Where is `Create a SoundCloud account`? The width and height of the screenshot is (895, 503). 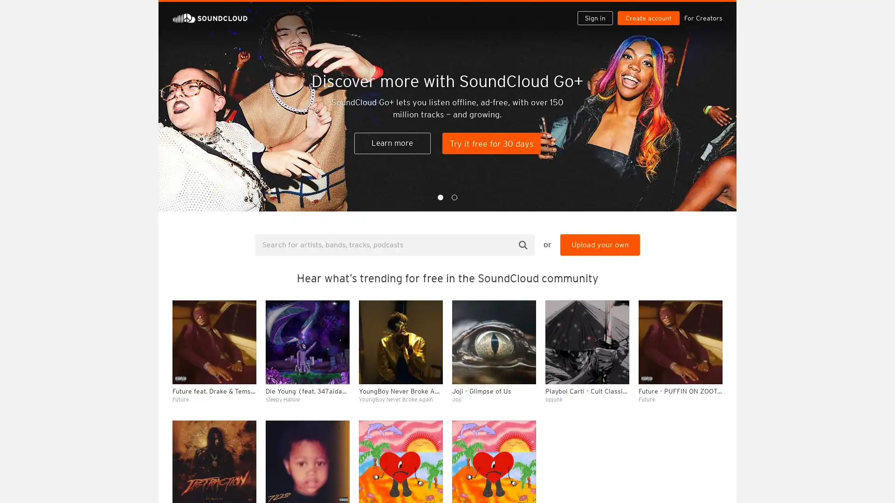 Create a SoundCloud account is located at coordinates (650, 10).